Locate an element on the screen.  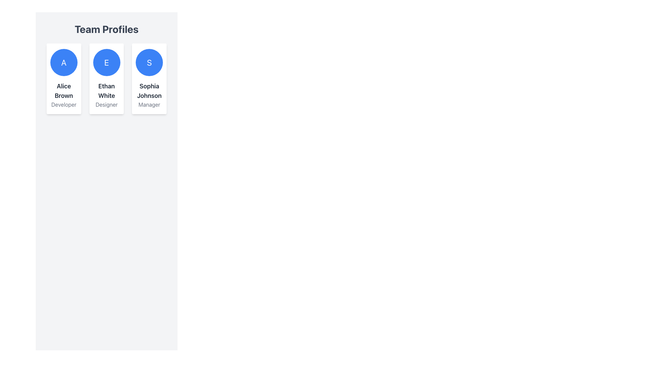
the profile card for 'Ethan White', which is the second card in the grid layout of 'Team Profiles' is located at coordinates (106, 78).